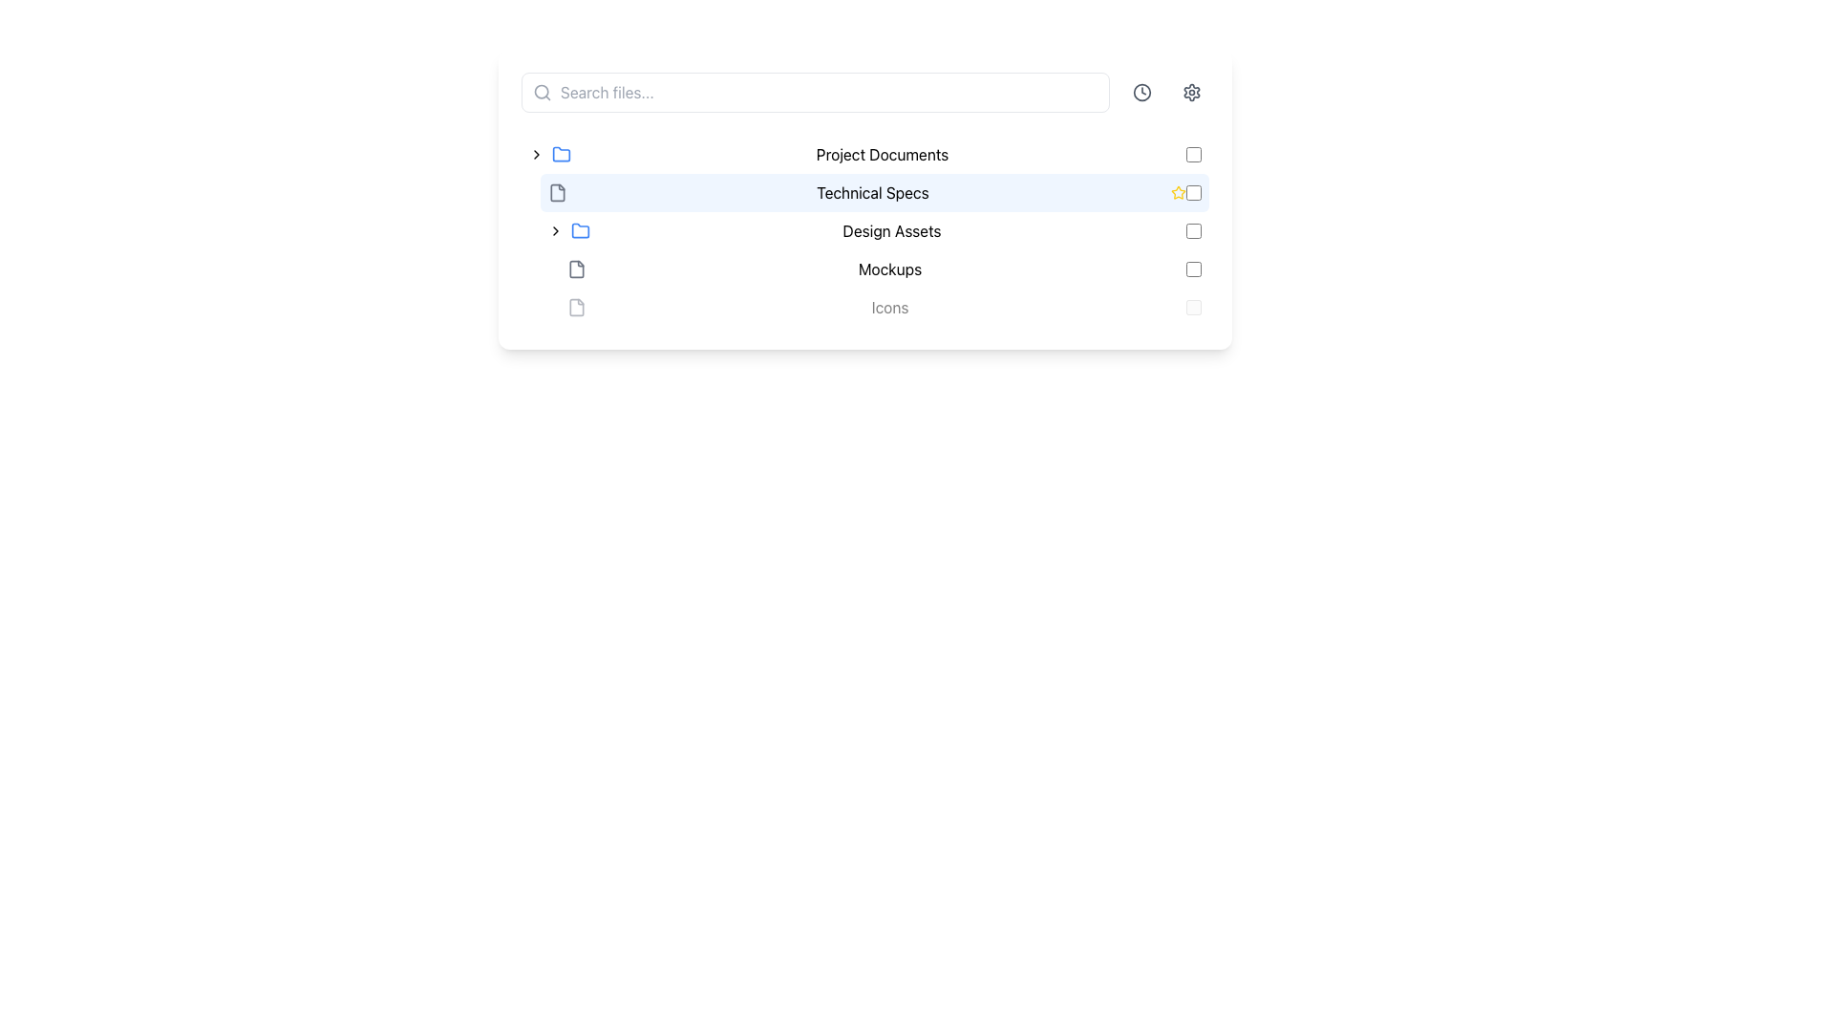 This screenshot has height=1032, width=1834. Describe the element at coordinates (535, 154) in the screenshot. I see `the Toggle icon (chevron)` at that location.